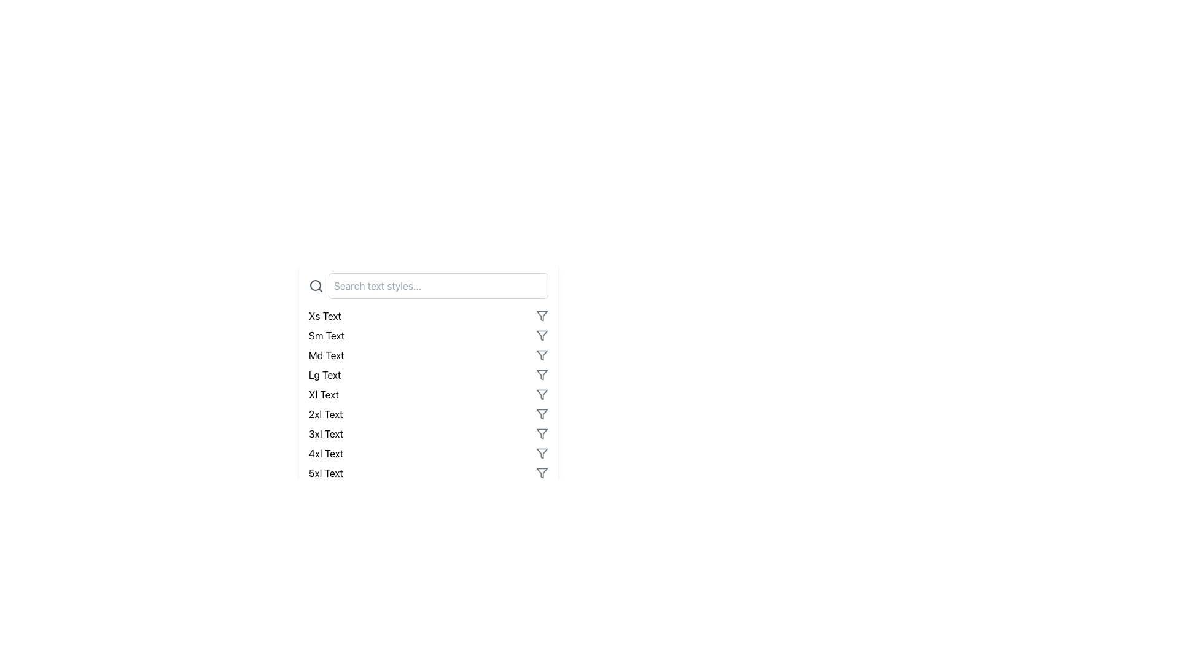 The width and height of the screenshot is (1179, 663). What do you see at coordinates (542, 414) in the screenshot?
I see `the filter icon resembling a funnel located next to the label '2xl Text' in the vertical list` at bounding box center [542, 414].